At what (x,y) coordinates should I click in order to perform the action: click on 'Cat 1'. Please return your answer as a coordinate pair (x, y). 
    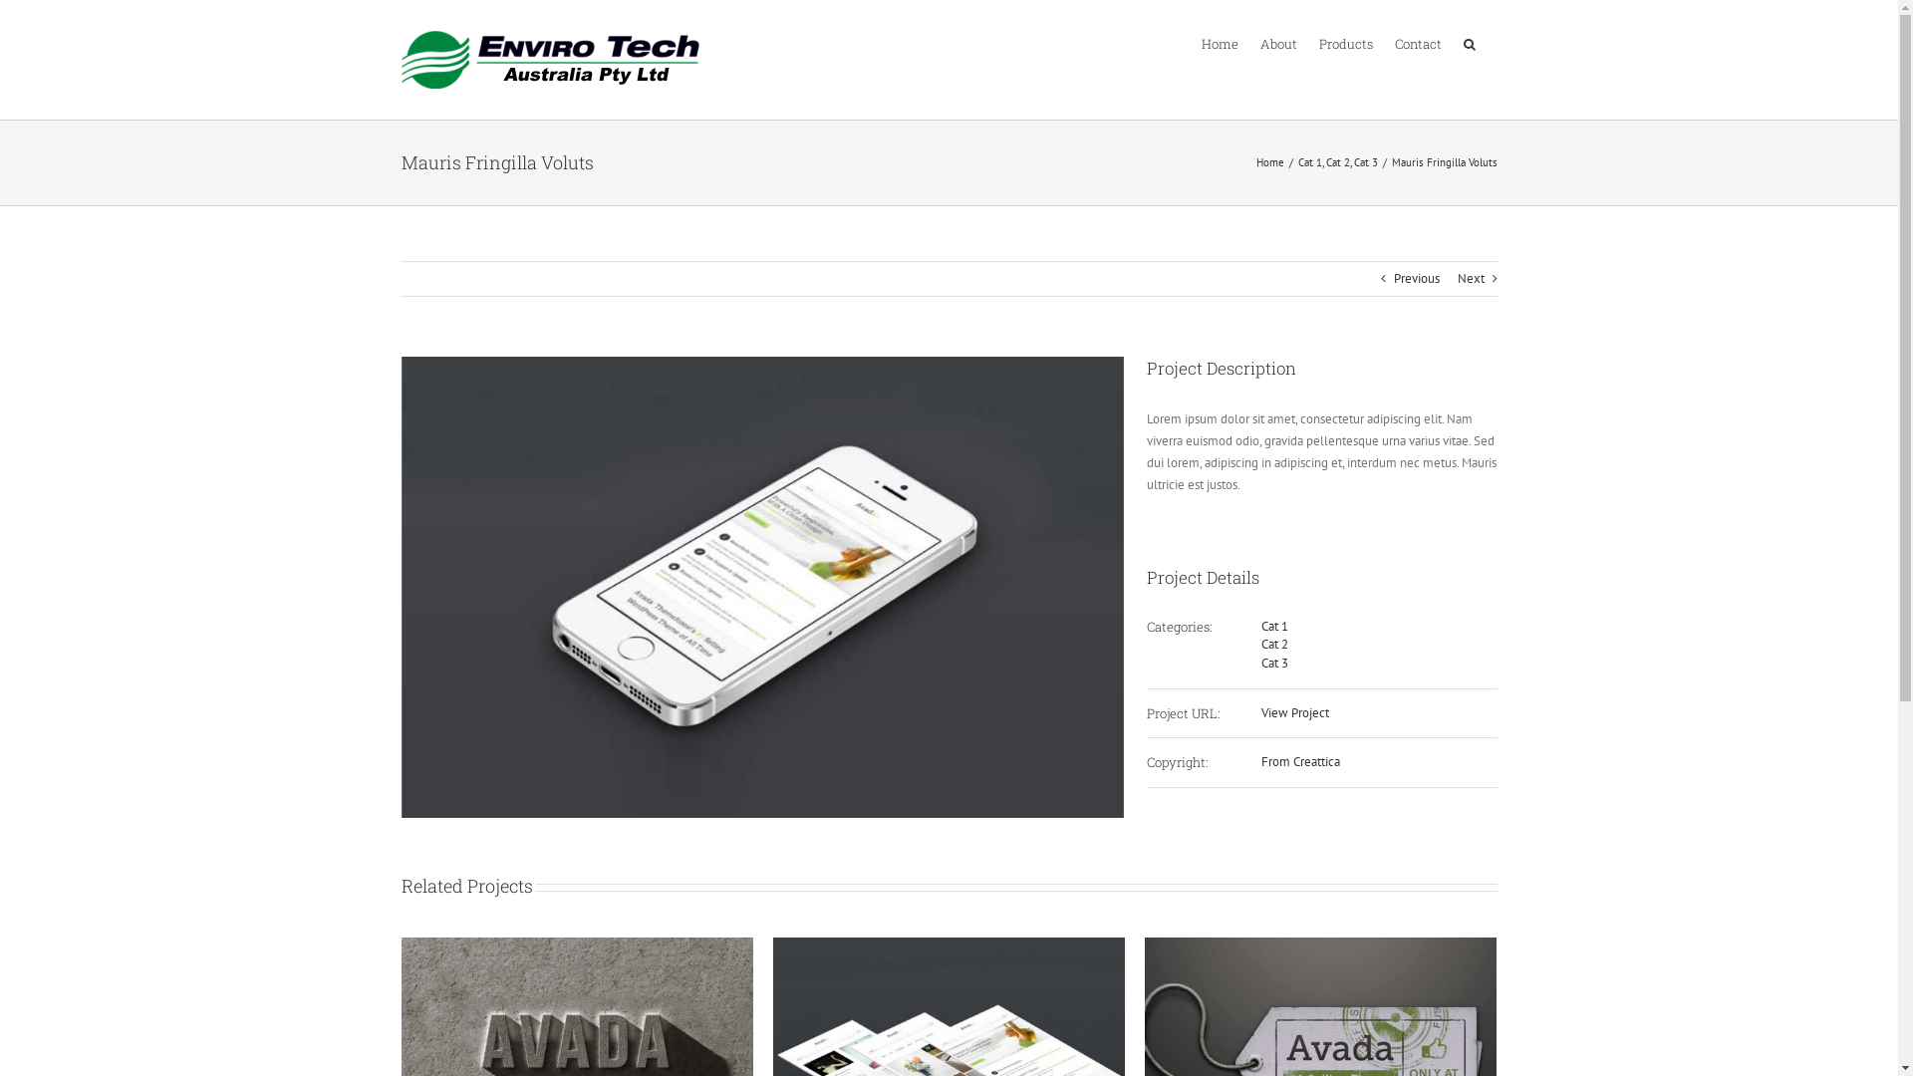
    Looking at the image, I should click on (1309, 160).